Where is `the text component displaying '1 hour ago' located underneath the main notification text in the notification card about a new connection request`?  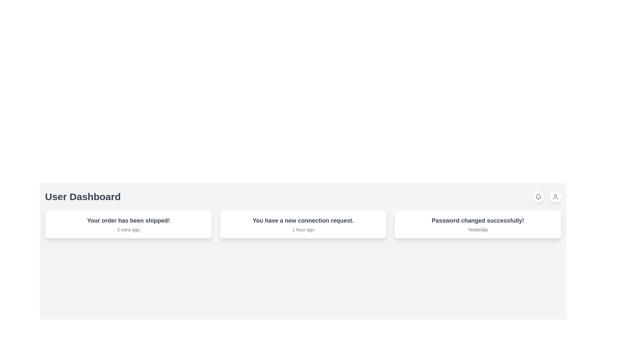
the text component displaying '1 hour ago' located underneath the main notification text in the notification card about a new connection request is located at coordinates (303, 229).